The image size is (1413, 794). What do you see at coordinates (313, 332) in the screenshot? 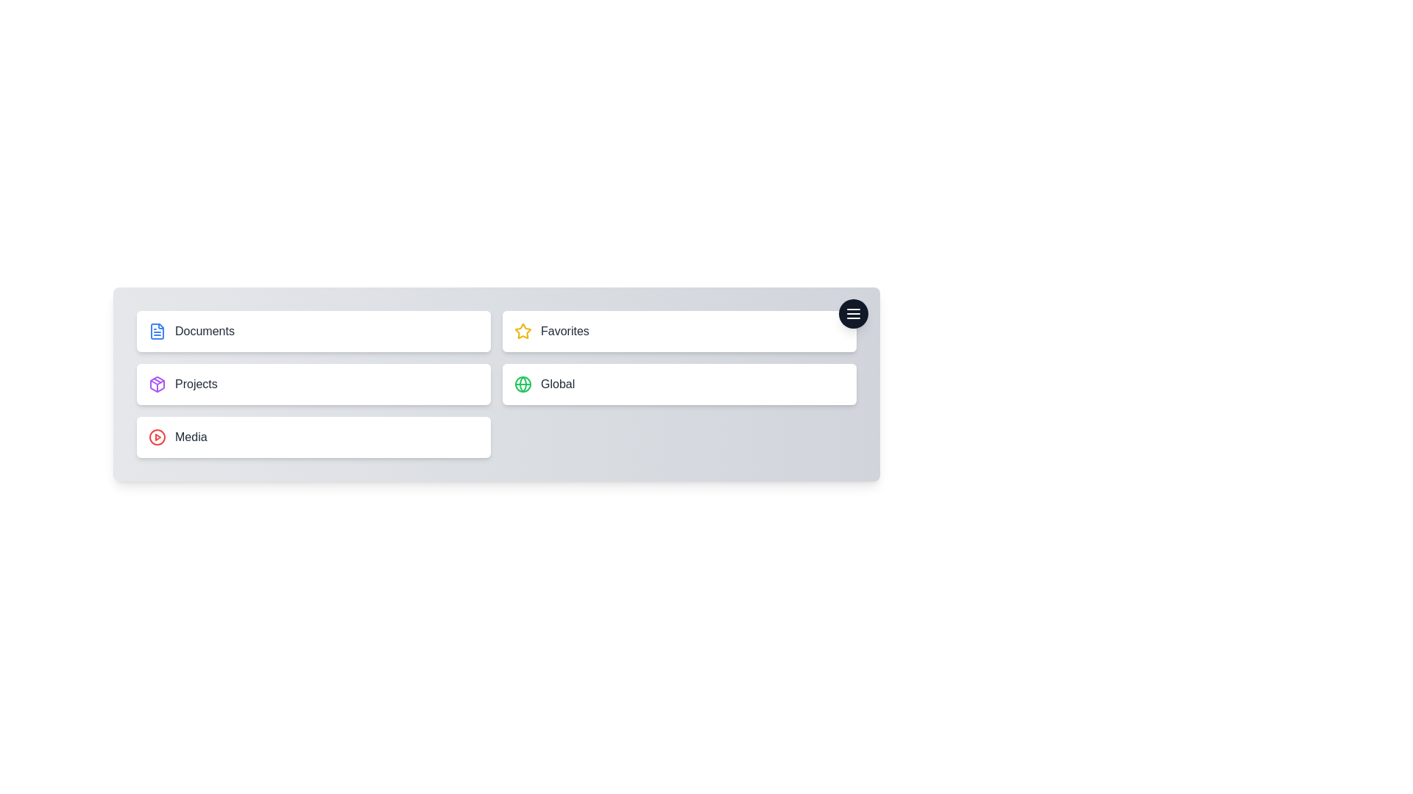
I see `the menu item labeled Documents` at bounding box center [313, 332].